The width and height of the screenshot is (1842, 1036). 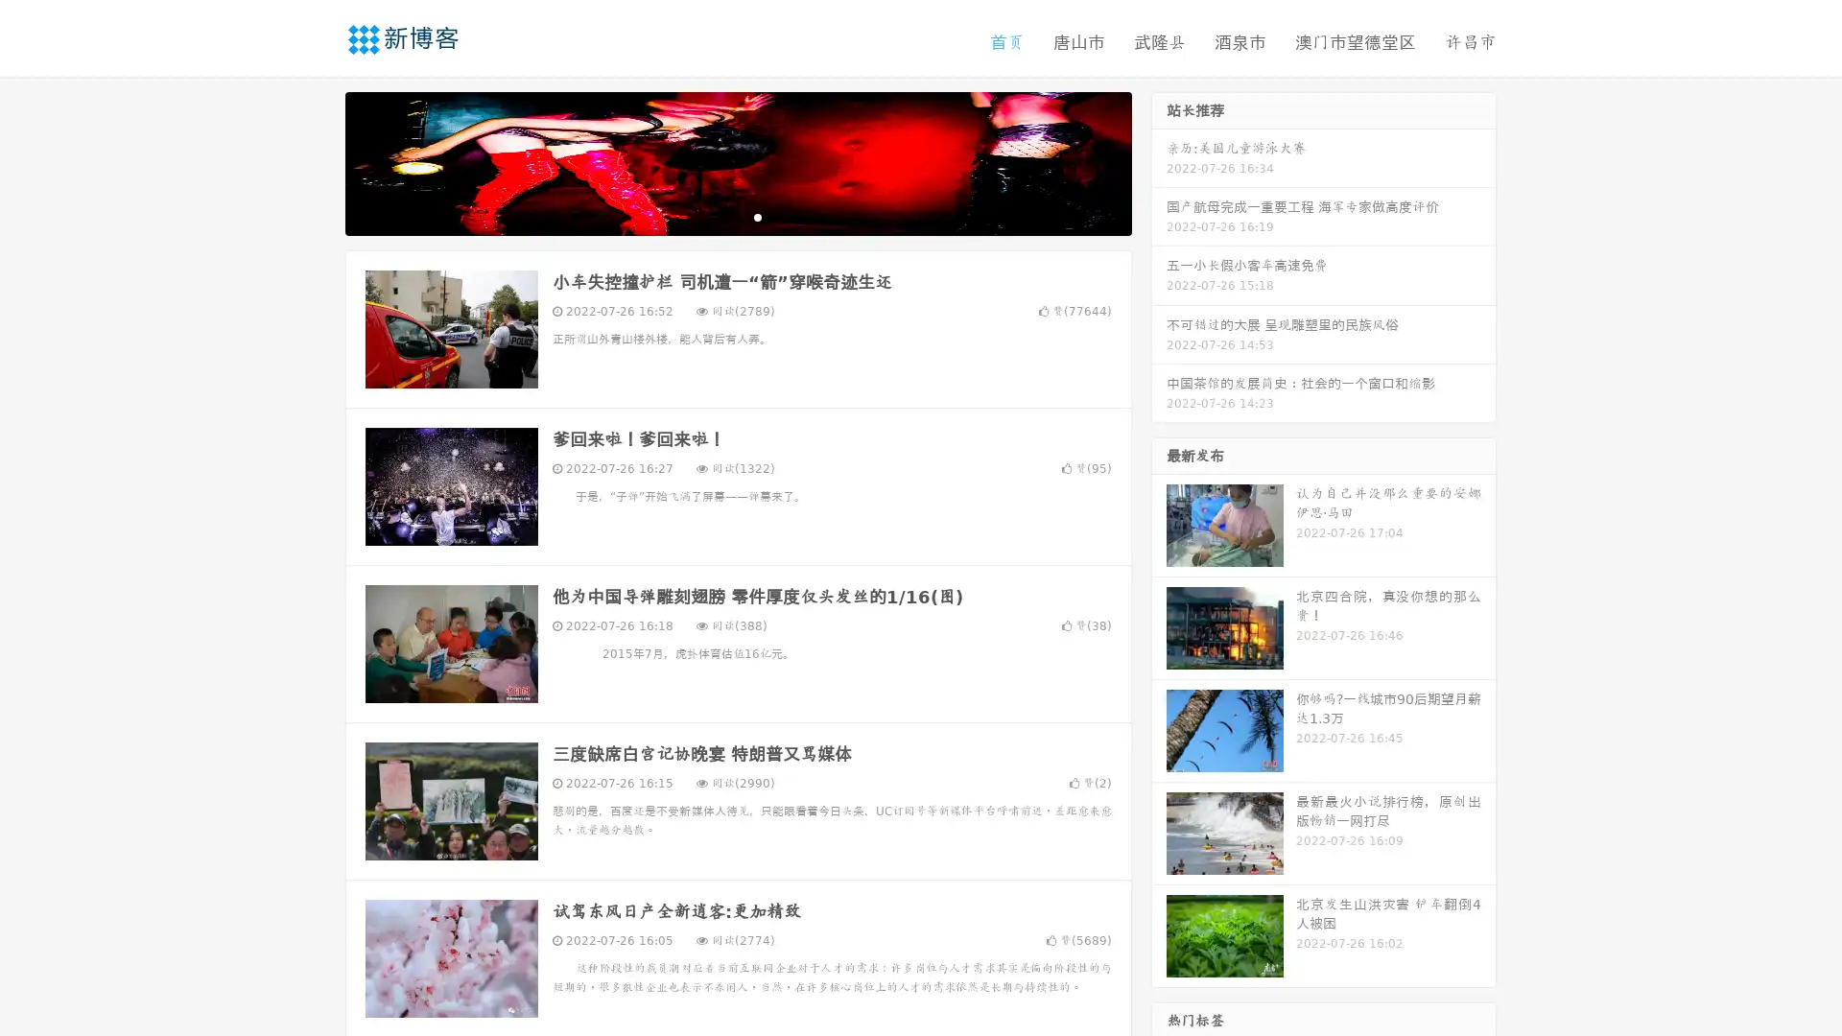 What do you see at coordinates (737, 216) in the screenshot?
I see `Go to slide 2` at bounding box center [737, 216].